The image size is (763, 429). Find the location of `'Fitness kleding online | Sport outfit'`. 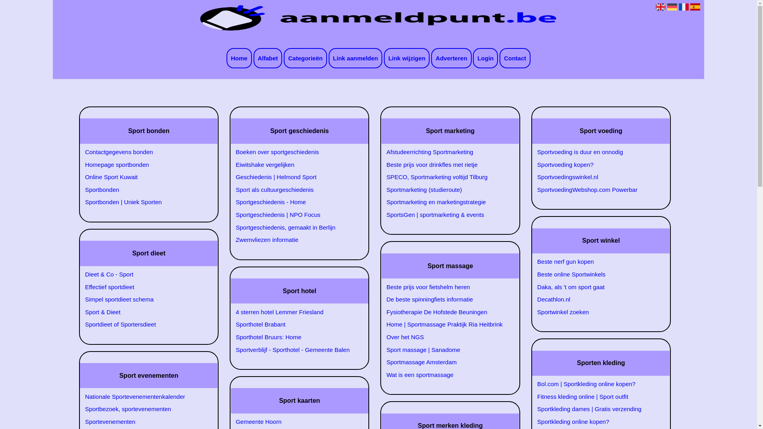

'Fitness kleding online | Sport outfit' is located at coordinates (533, 397).